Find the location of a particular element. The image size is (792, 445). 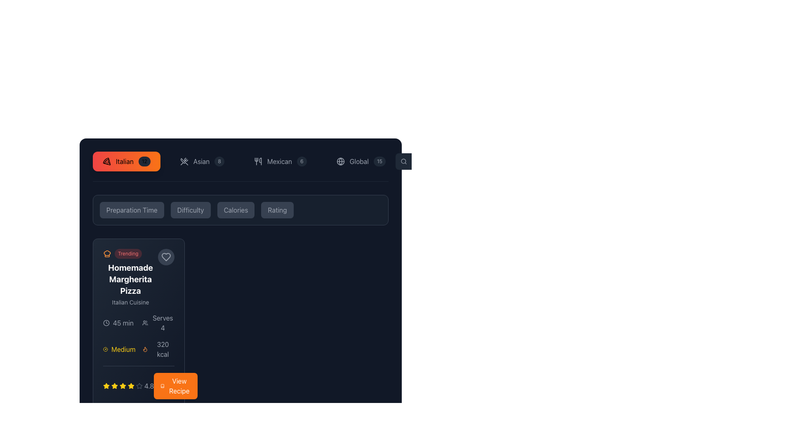

the Text label that indicates the difficulty level or category for the associated recipe content, located below the icons for time and servings is located at coordinates (123, 349).